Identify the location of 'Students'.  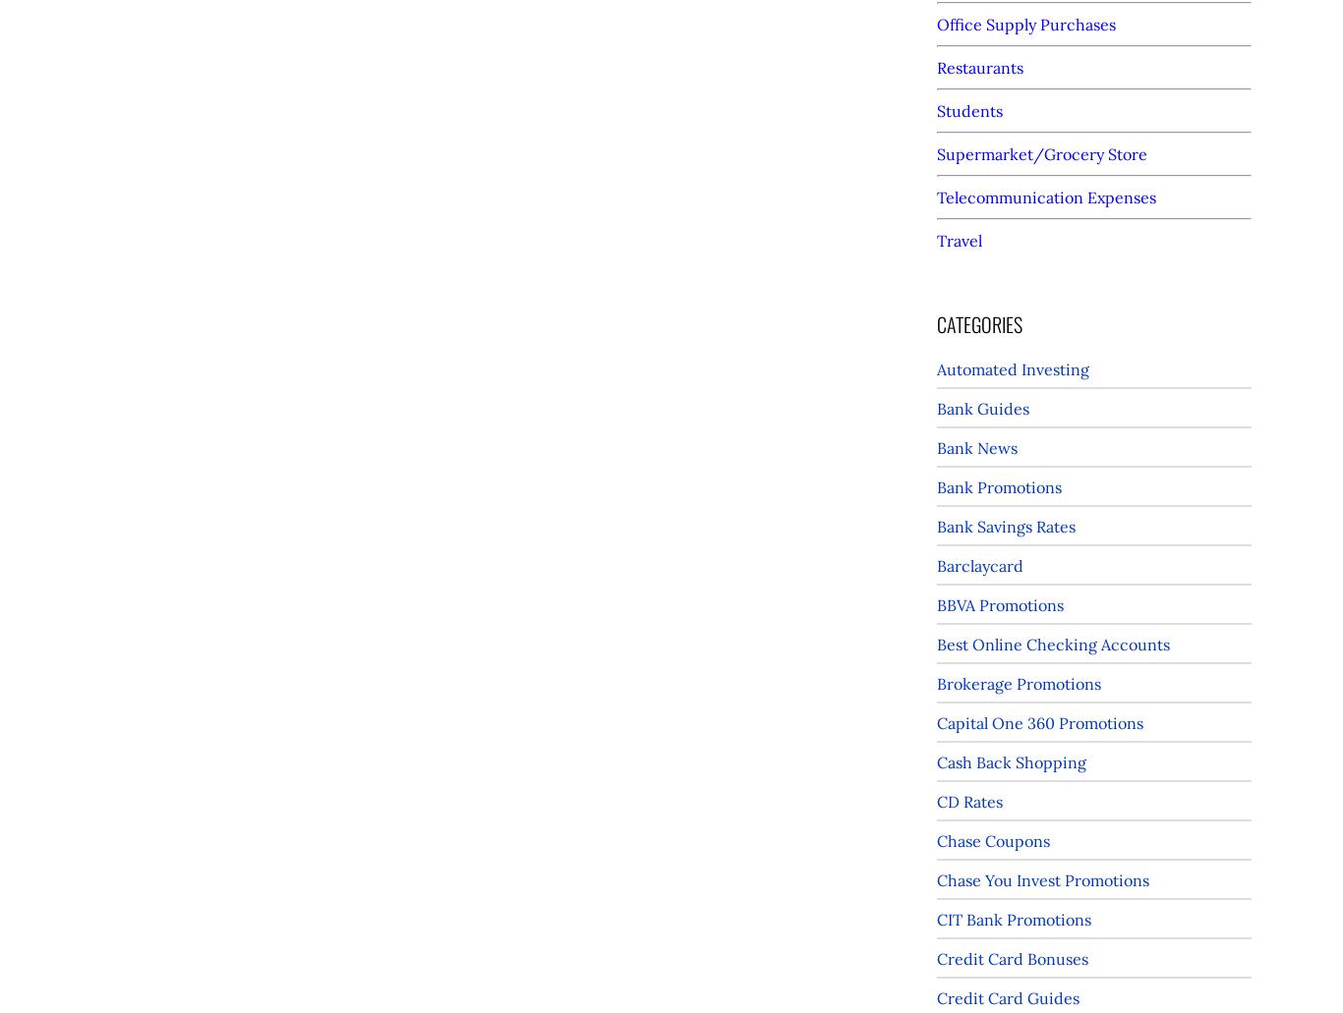
(969, 109).